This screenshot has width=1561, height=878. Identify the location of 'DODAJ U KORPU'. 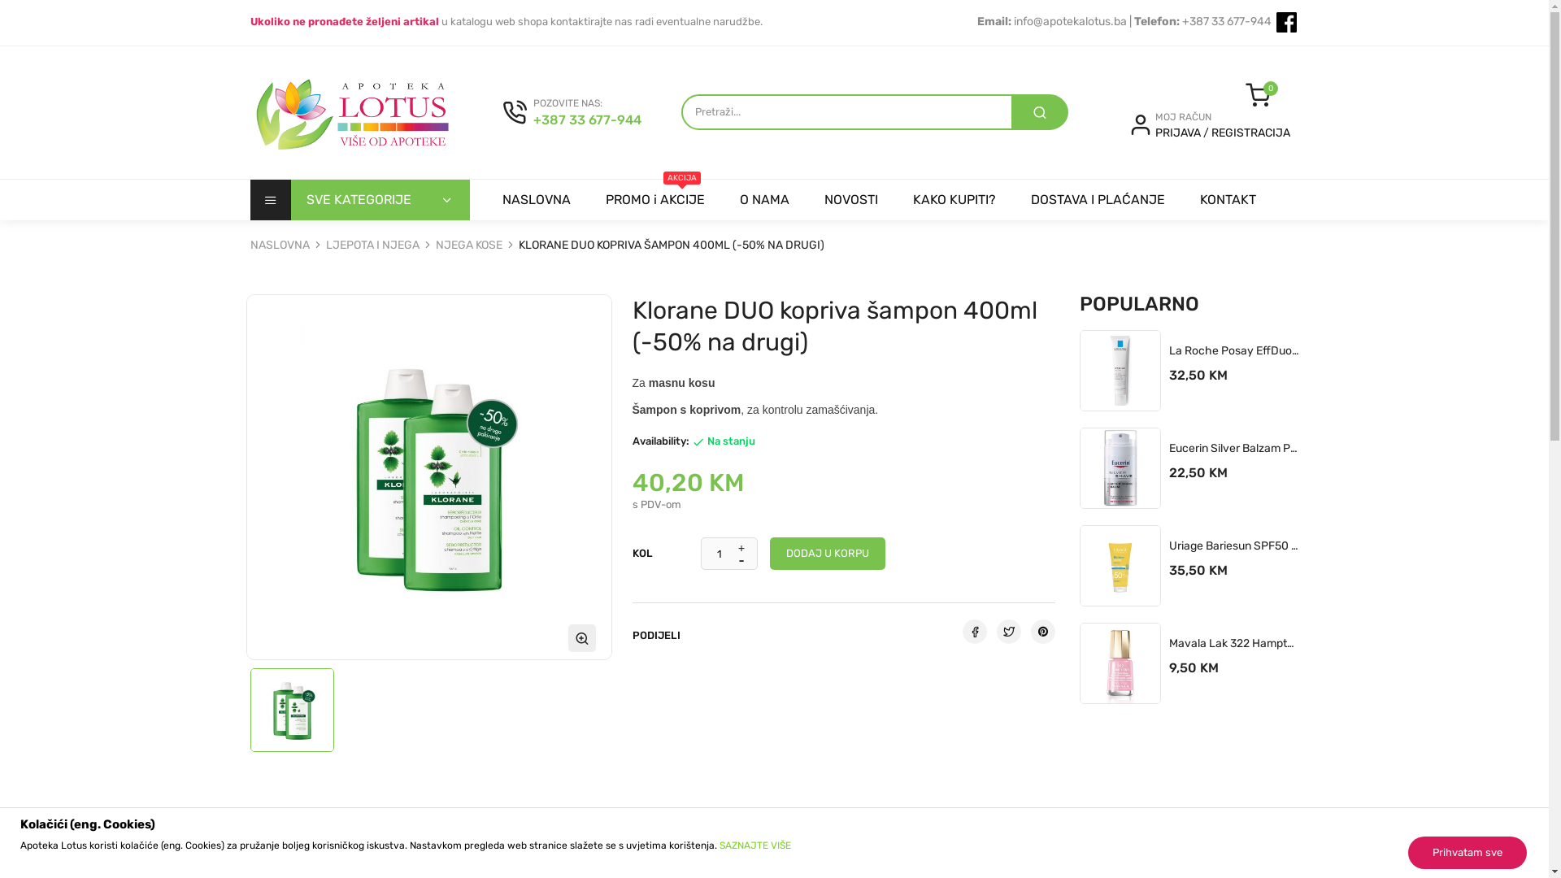
(827, 553).